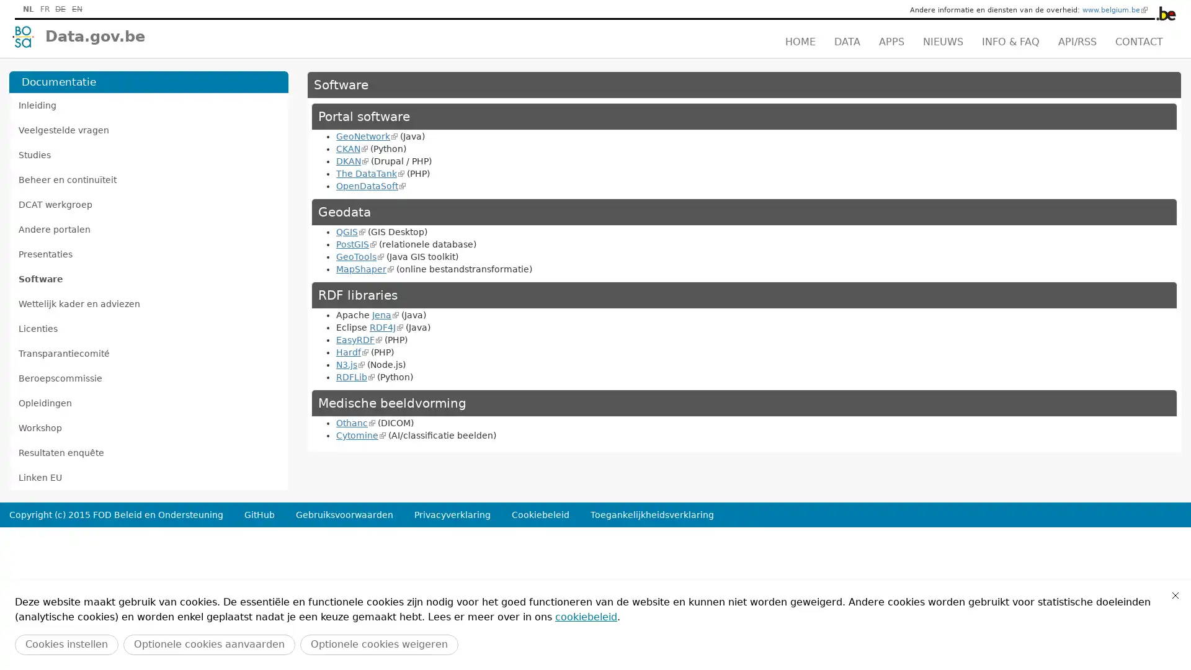 This screenshot has width=1191, height=670. What do you see at coordinates (1175, 595) in the screenshot?
I see `Sluiten` at bounding box center [1175, 595].